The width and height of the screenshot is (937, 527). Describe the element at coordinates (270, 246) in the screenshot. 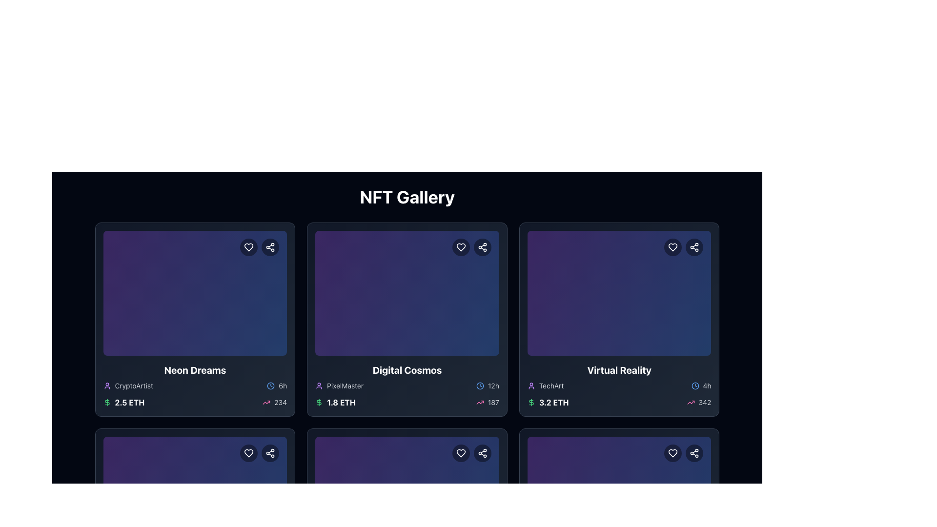

I see `the share button located in the top-right corner of the 'Neon Dreams' card` at that location.